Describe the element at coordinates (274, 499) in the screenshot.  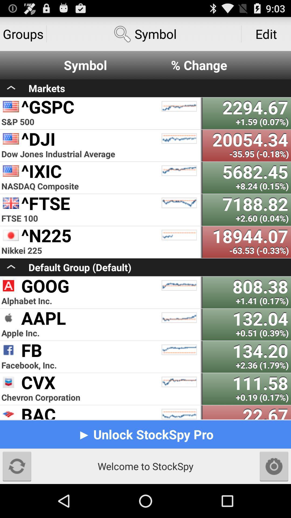
I see `the location_crosshair icon` at that location.